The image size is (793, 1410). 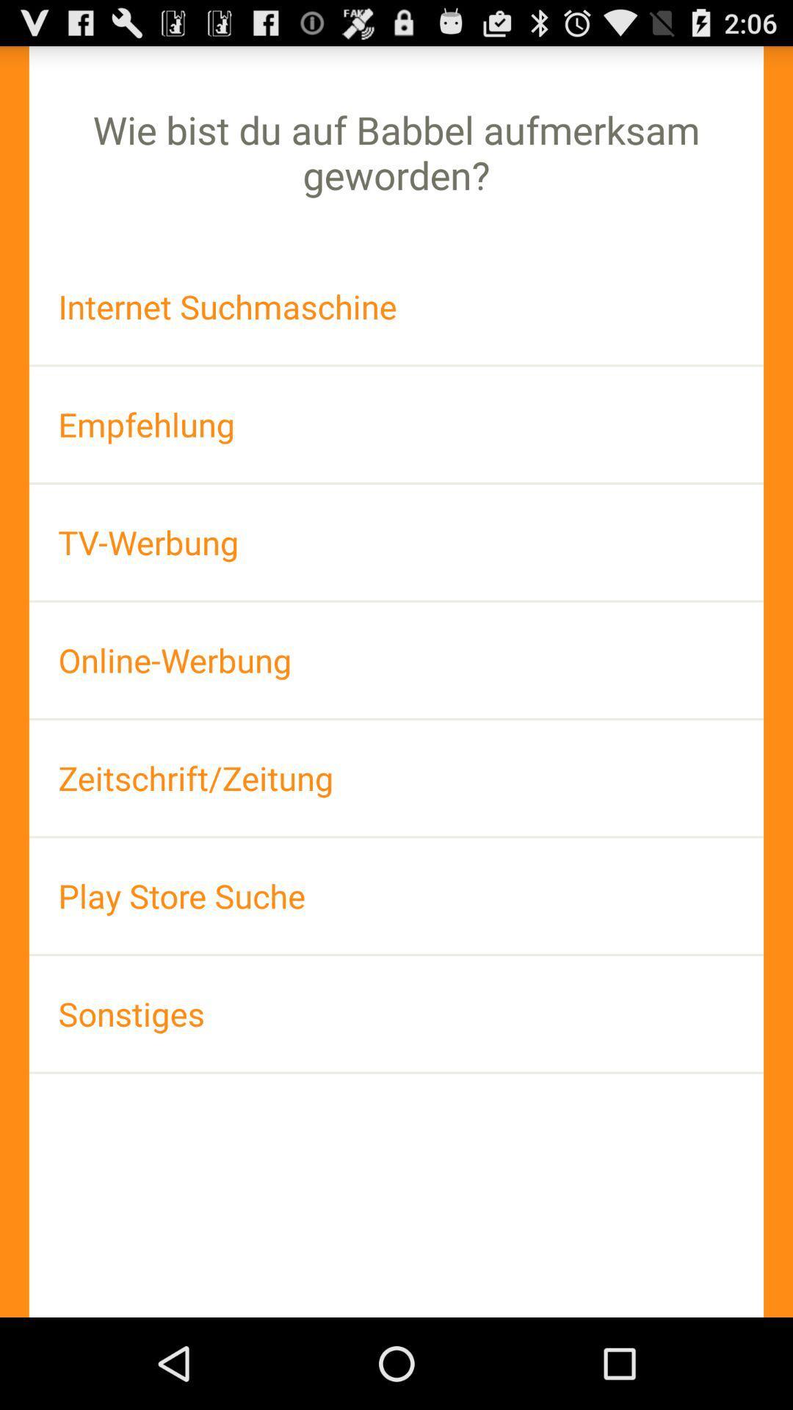 I want to click on the online-werbung app, so click(x=396, y=659).